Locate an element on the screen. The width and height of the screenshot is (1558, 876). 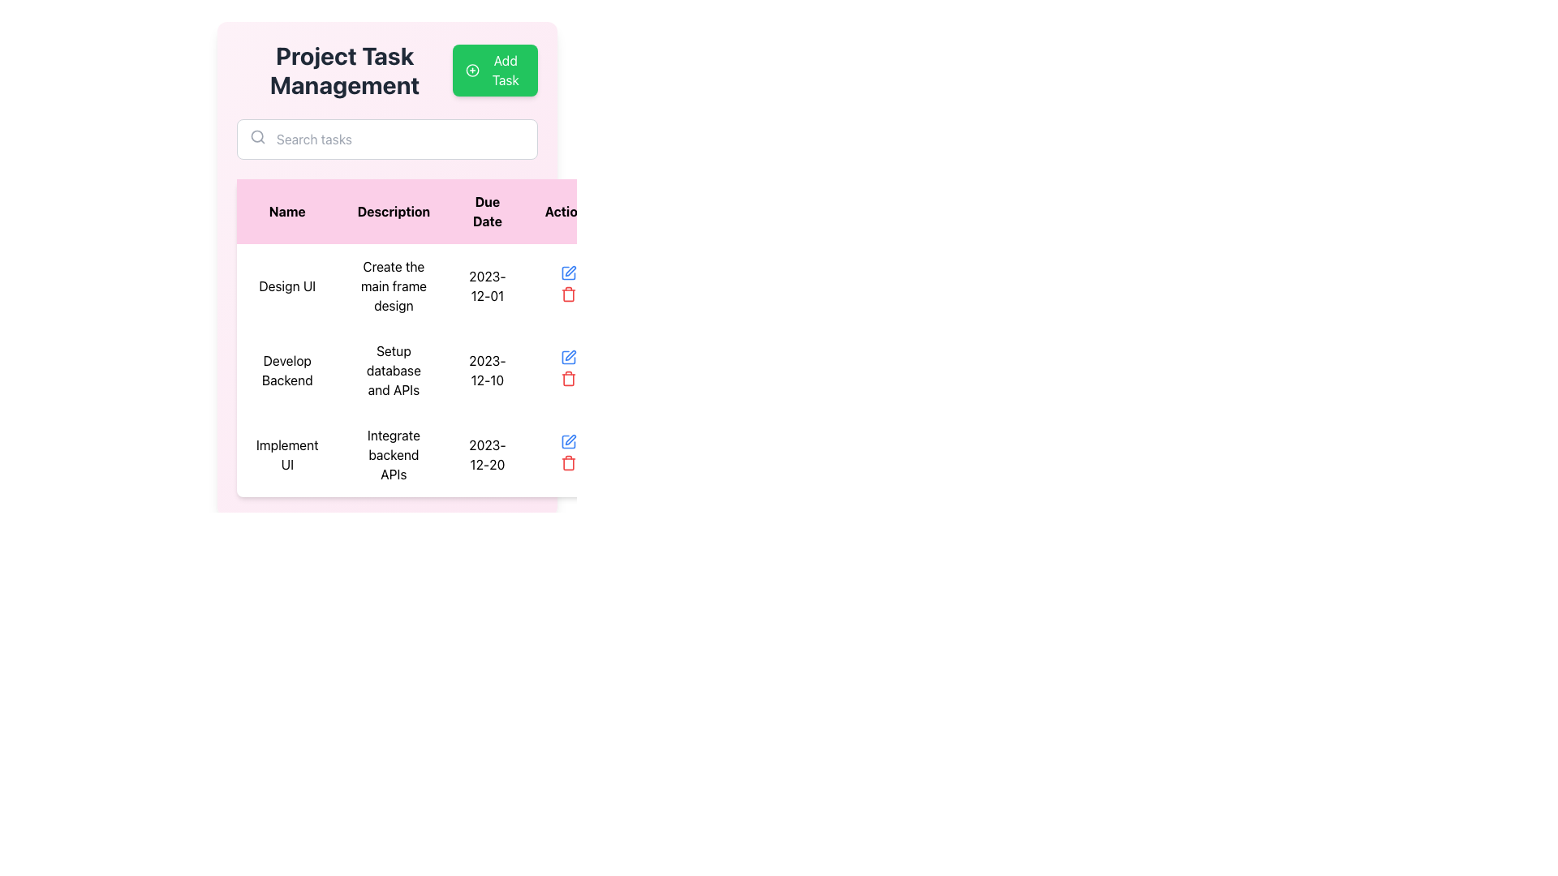
the 'Add Task' button, which is a green rectangular button with white text and a '+' icon, located in the top-right corner of the 'Project Task Management' section is located at coordinates (494, 70).